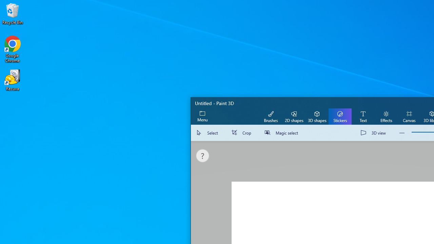 The image size is (434, 244). Describe the element at coordinates (271, 116) in the screenshot. I see `'Brushes'` at that location.